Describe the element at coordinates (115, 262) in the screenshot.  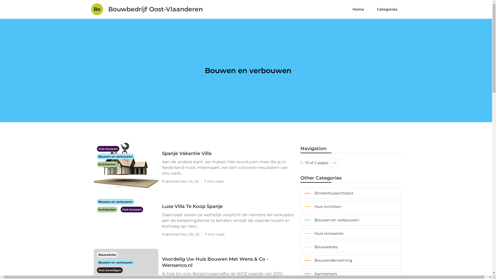
I see `'Bouwen en verbouwen'` at that location.